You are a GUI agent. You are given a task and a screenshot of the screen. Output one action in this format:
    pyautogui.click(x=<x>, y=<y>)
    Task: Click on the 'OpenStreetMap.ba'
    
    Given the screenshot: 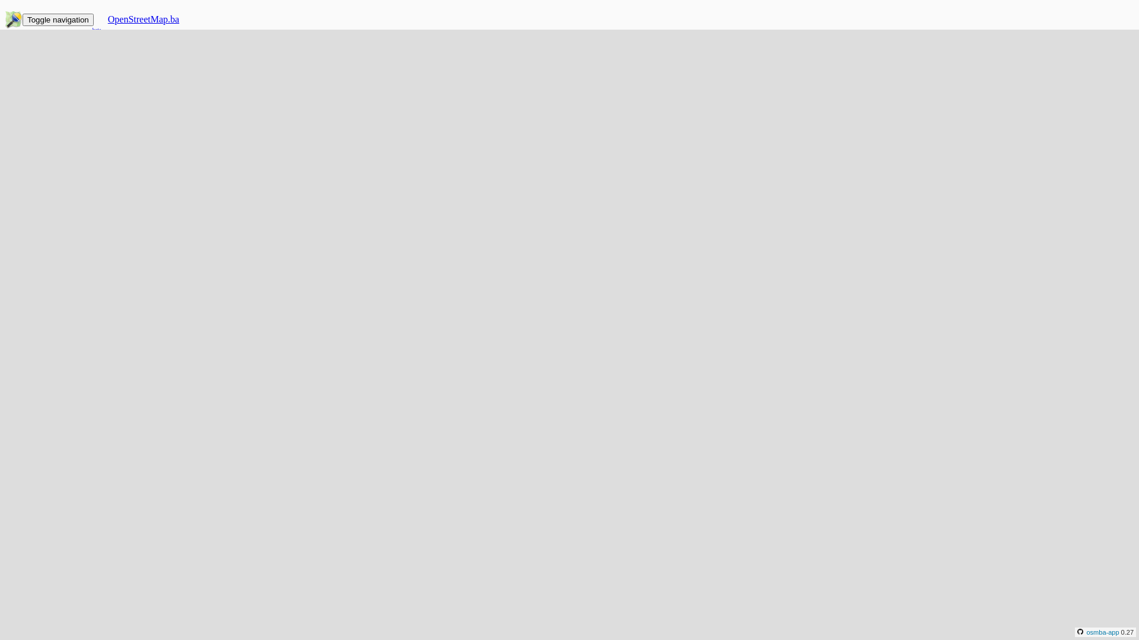 What is the action you would take?
    pyautogui.click(x=142, y=19)
    